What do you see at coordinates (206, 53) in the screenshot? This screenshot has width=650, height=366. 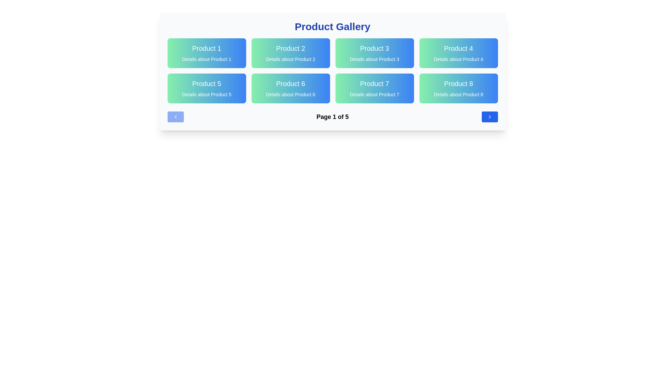 I see `the informational card titled 'Product 1', which is a rectangular card with a gradient from green to blue, containing a bold title at the top and a description below` at bounding box center [206, 53].